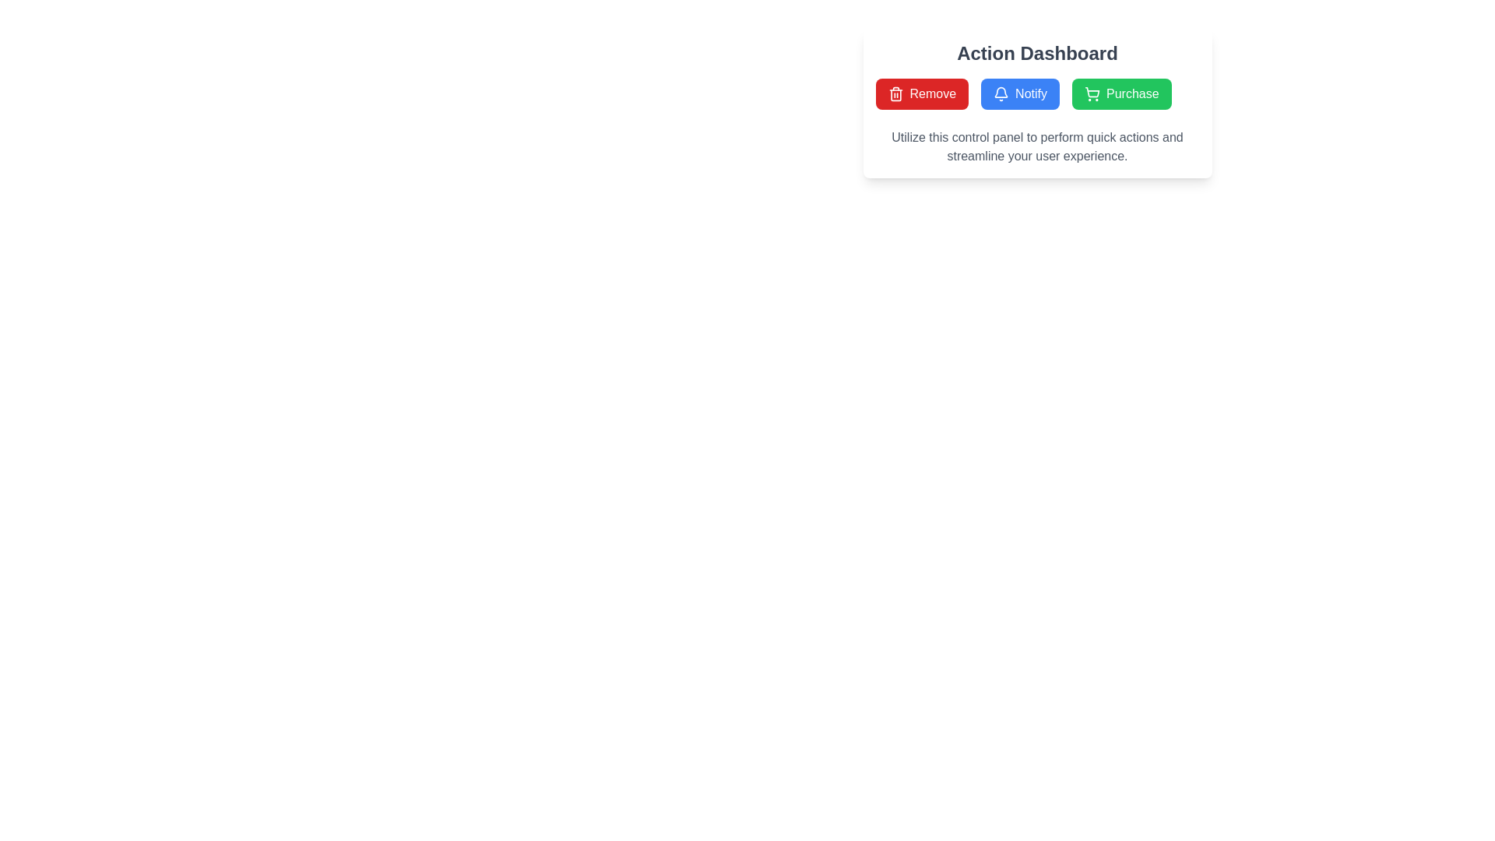  Describe the element at coordinates (1091, 93) in the screenshot. I see `the shopping cart icon within the green 'Purchase' button located in the top-right section of the interface` at that location.